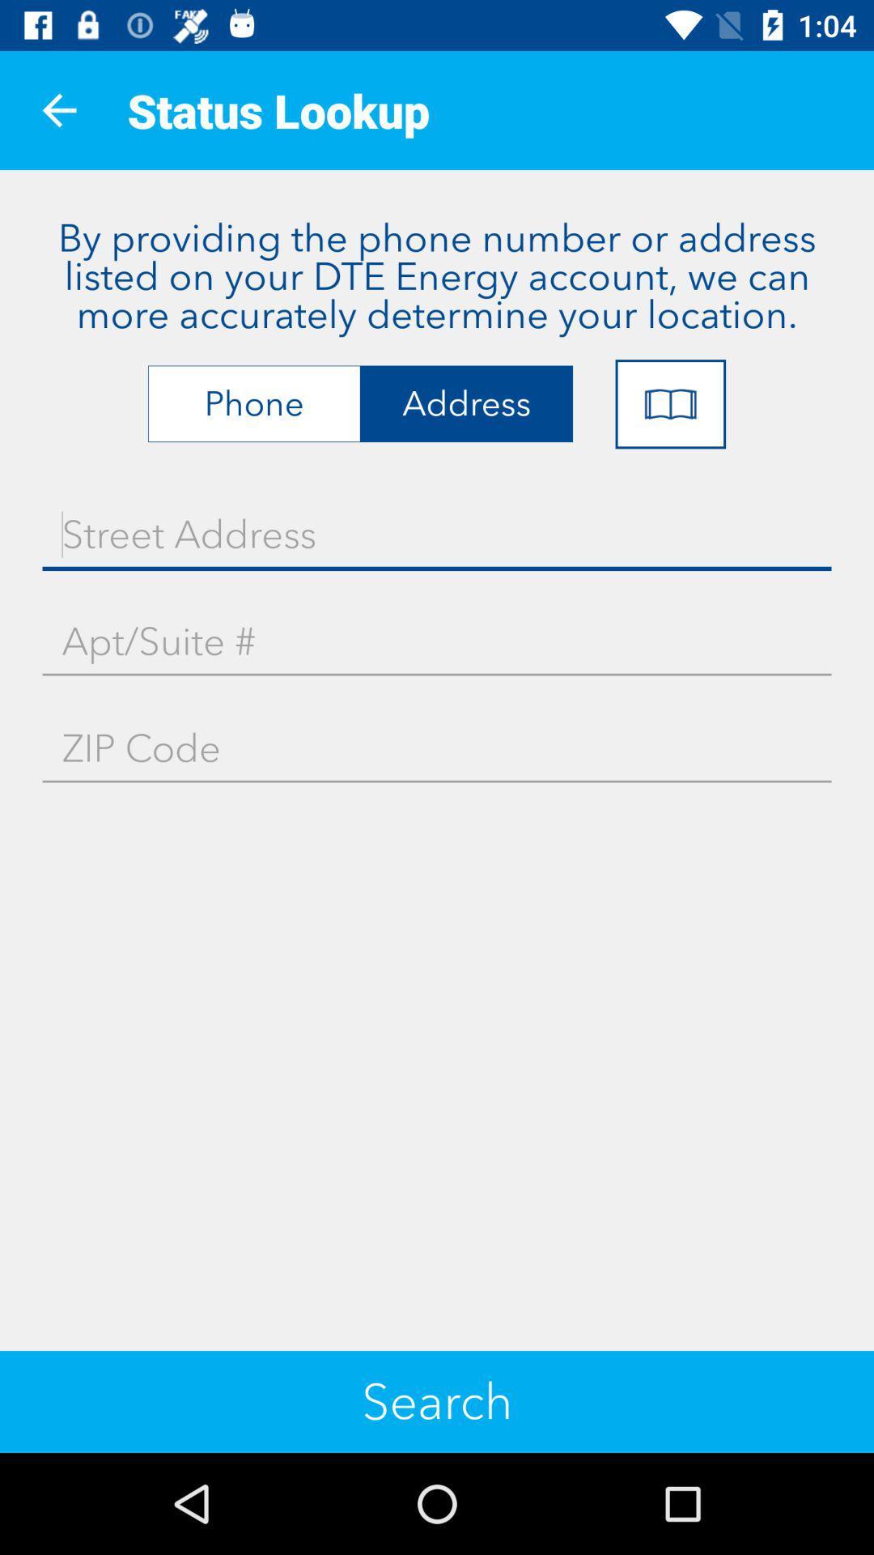 This screenshot has width=874, height=1555. What do you see at coordinates (670, 404) in the screenshot?
I see `the icon below the by providing the icon` at bounding box center [670, 404].